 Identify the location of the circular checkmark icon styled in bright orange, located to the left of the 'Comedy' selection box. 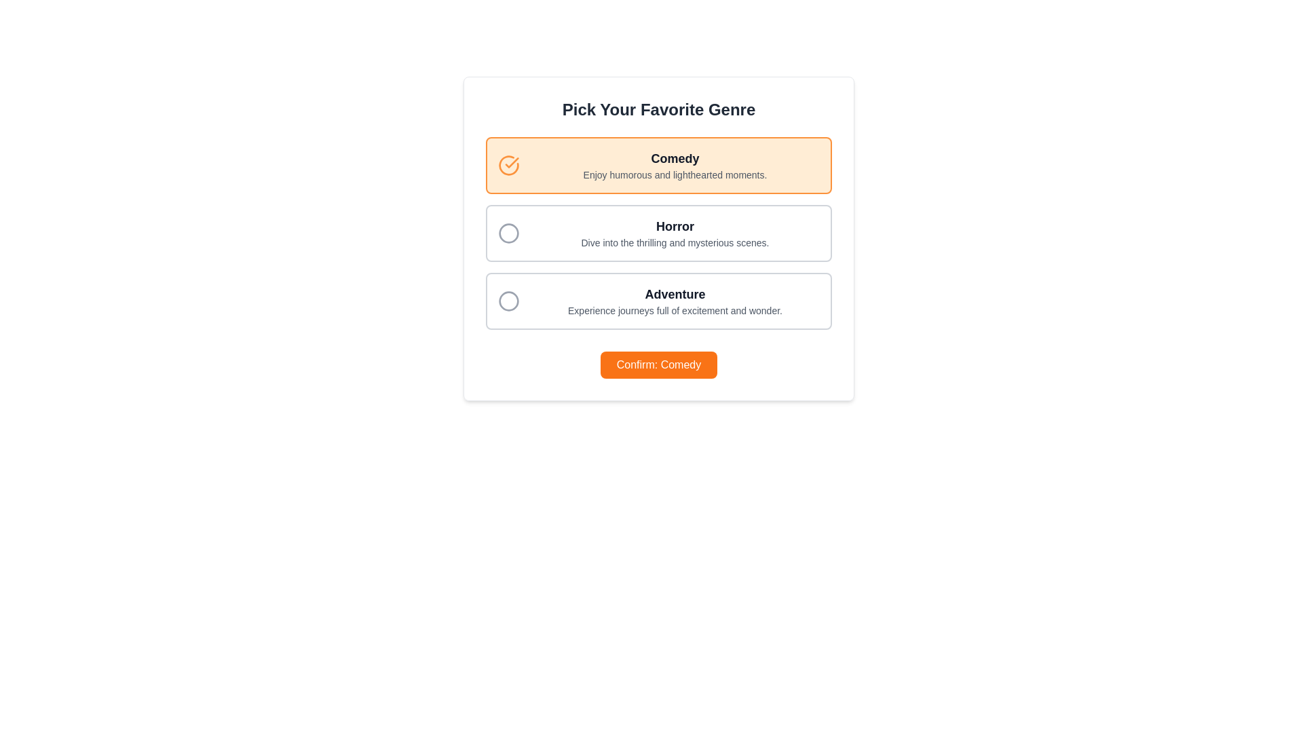
(514, 164).